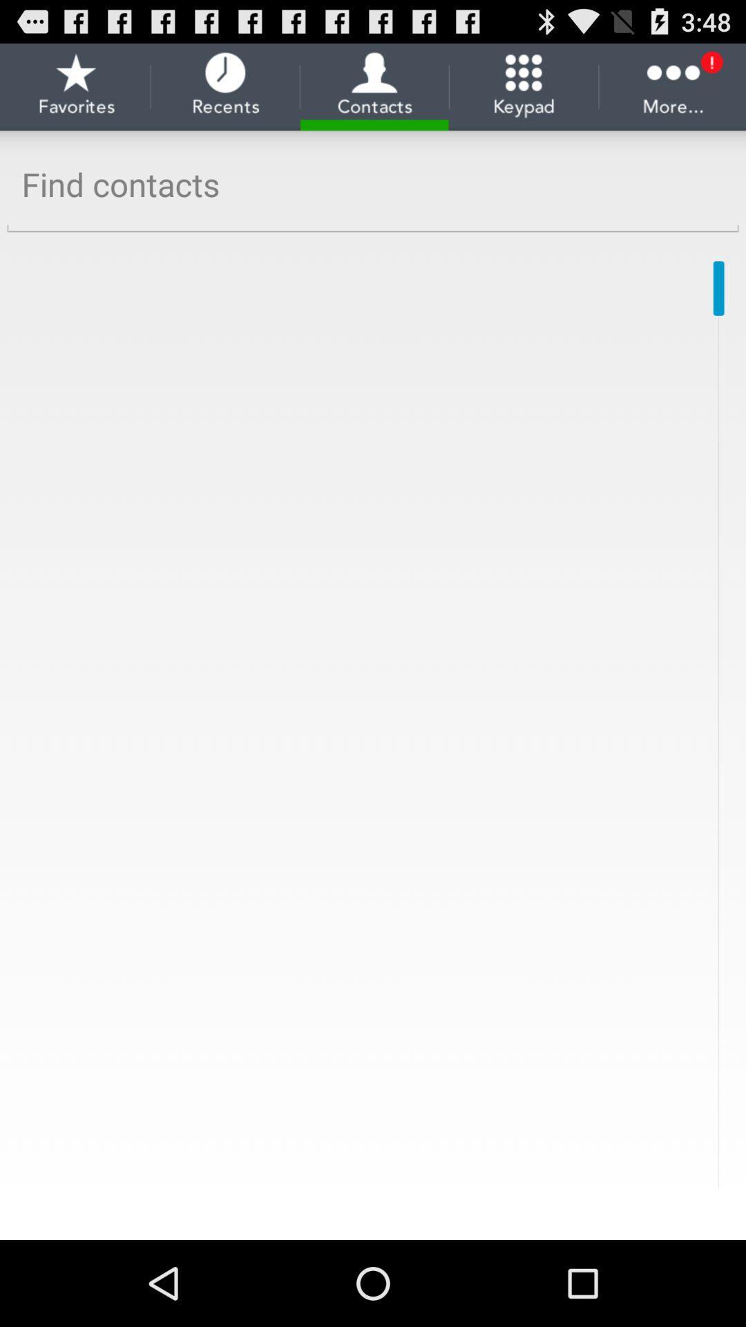 This screenshot has width=746, height=1327. What do you see at coordinates (373, 184) in the screenshot?
I see `search for contacts` at bounding box center [373, 184].